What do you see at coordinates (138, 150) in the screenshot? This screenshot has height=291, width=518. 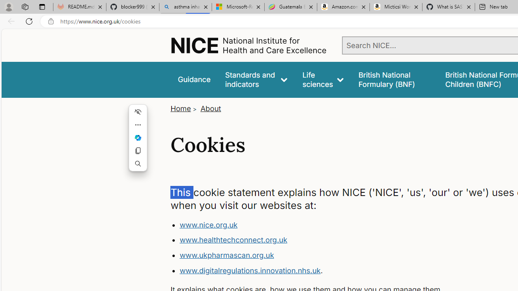 I see `'Copy'` at bounding box center [138, 150].